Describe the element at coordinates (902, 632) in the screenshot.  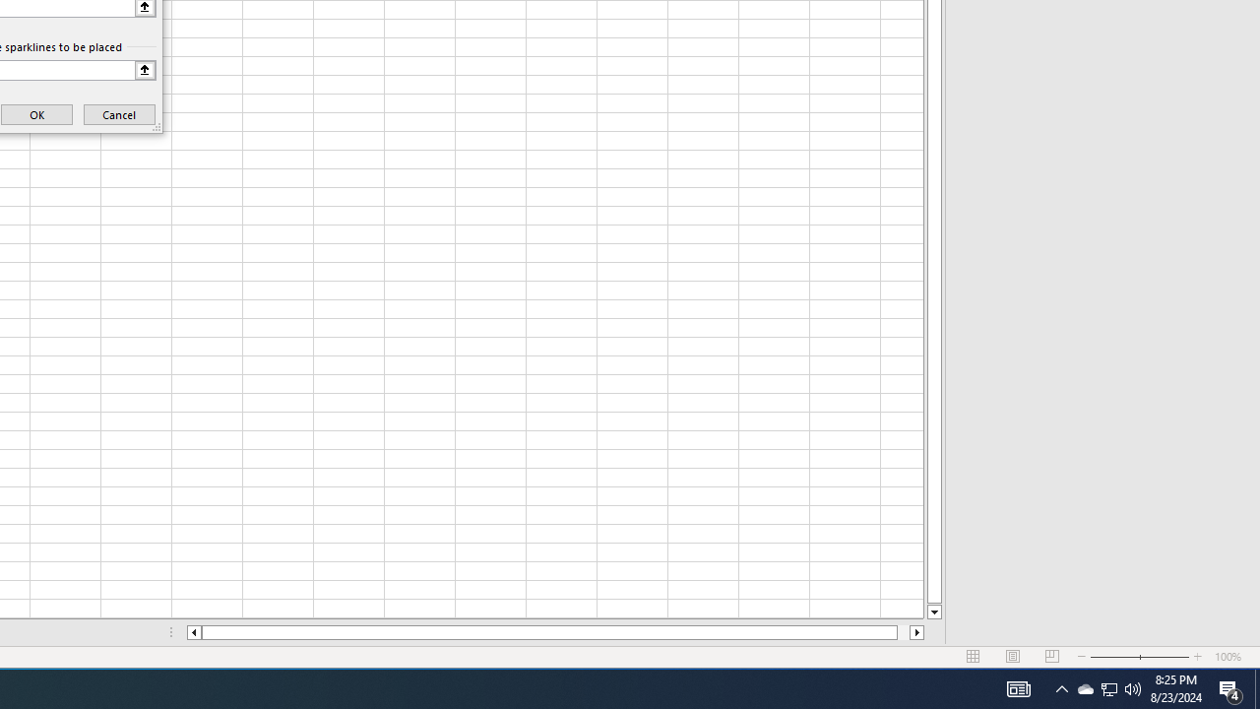
I see `'Page right'` at that location.